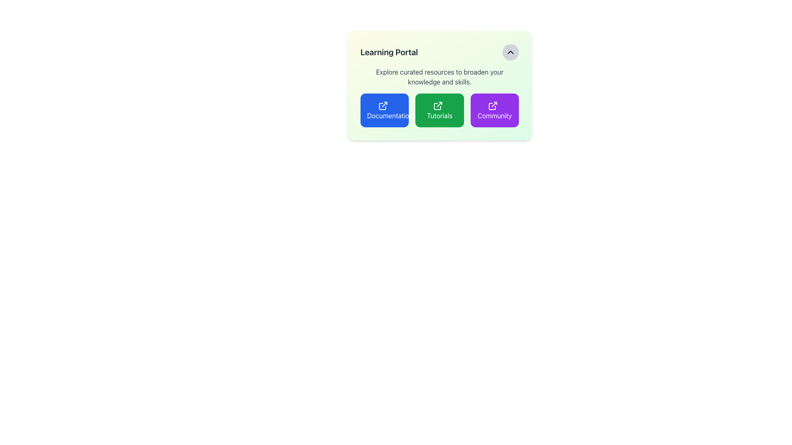  Describe the element at coordinates (495, 110) in the screenshot. I see `the button located in the 'Learning Portal' card interface that redirects users to the community page` at that location.